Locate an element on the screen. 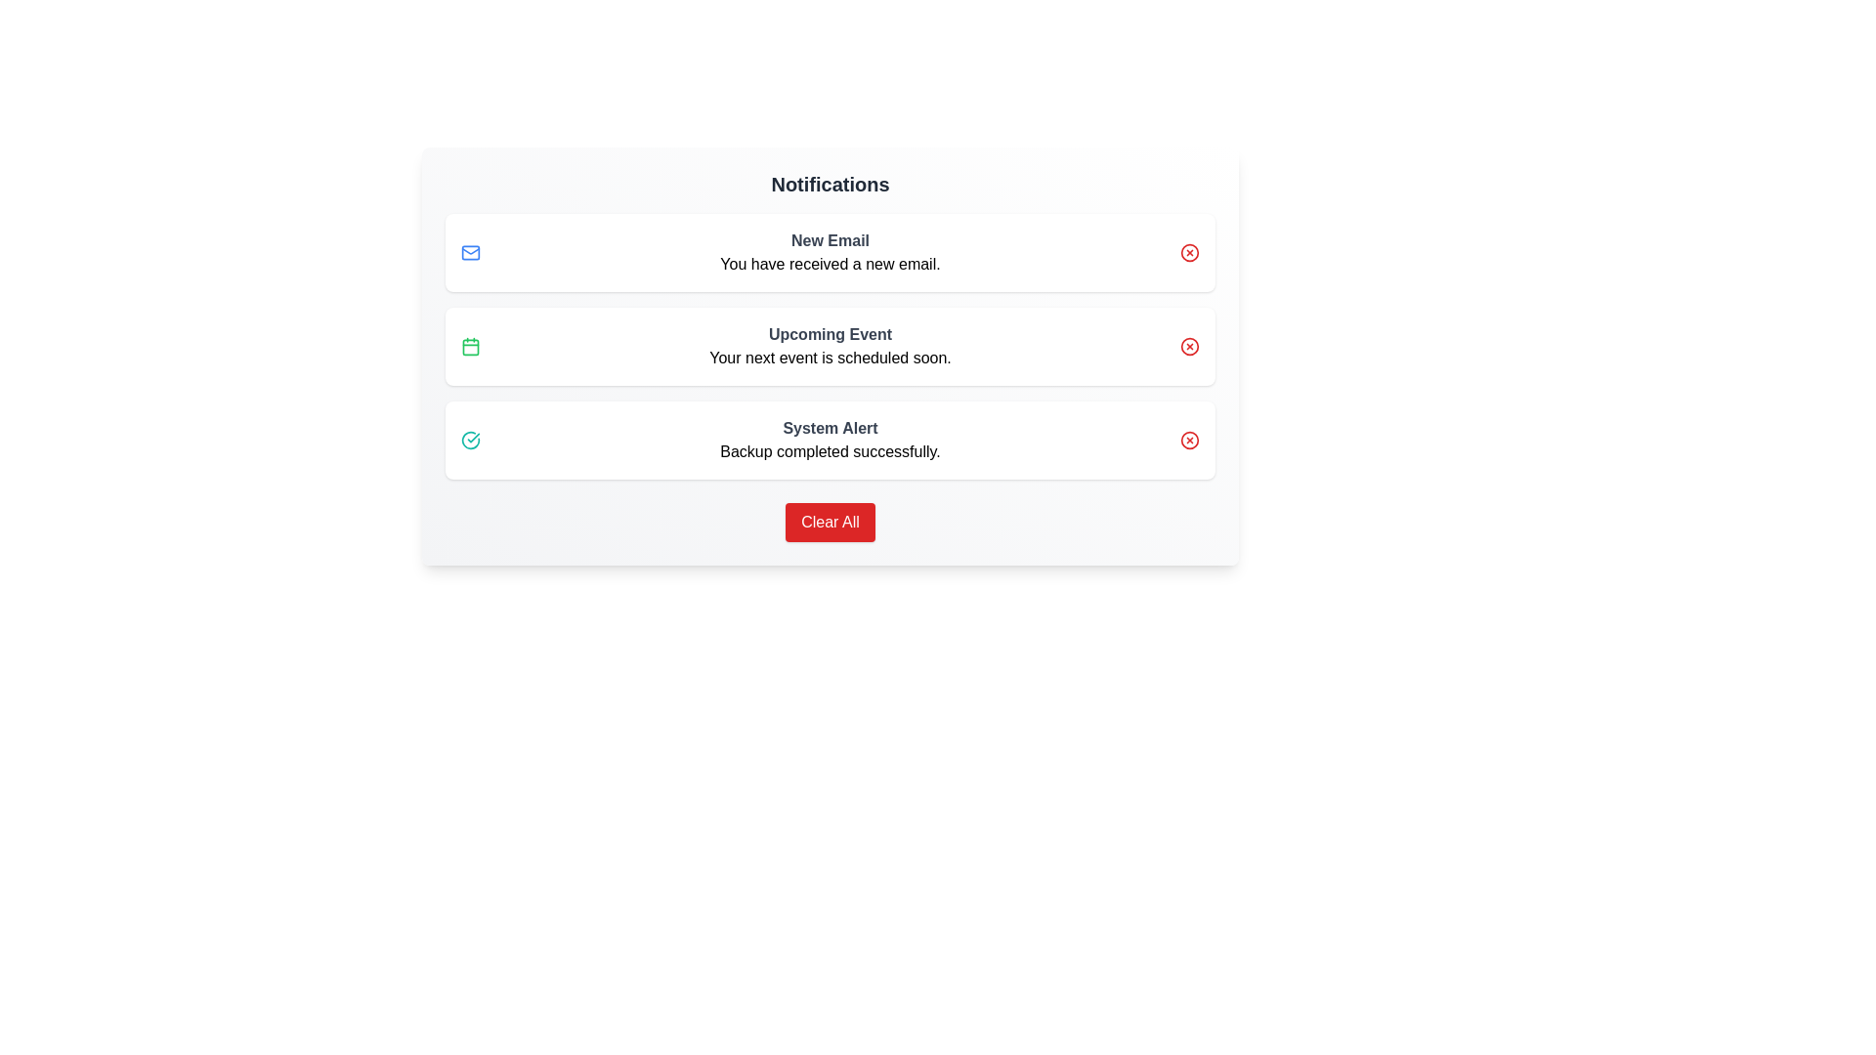 This screenshot has height=1055, width=1876. attributes of the blue diagonal line resembling the bottom part of an envelope, which is part of the mail icon in the Notifications panel for 'New Email' is located at coordinates (470, 250).